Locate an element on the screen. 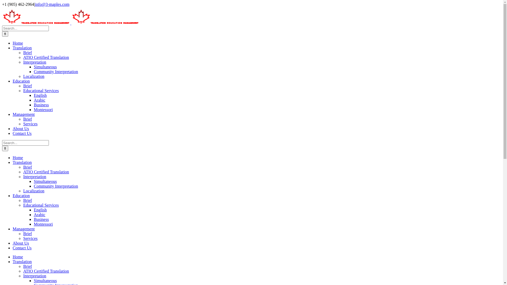  'ATIO Certified Translation' is located at coordinates (23, 271).